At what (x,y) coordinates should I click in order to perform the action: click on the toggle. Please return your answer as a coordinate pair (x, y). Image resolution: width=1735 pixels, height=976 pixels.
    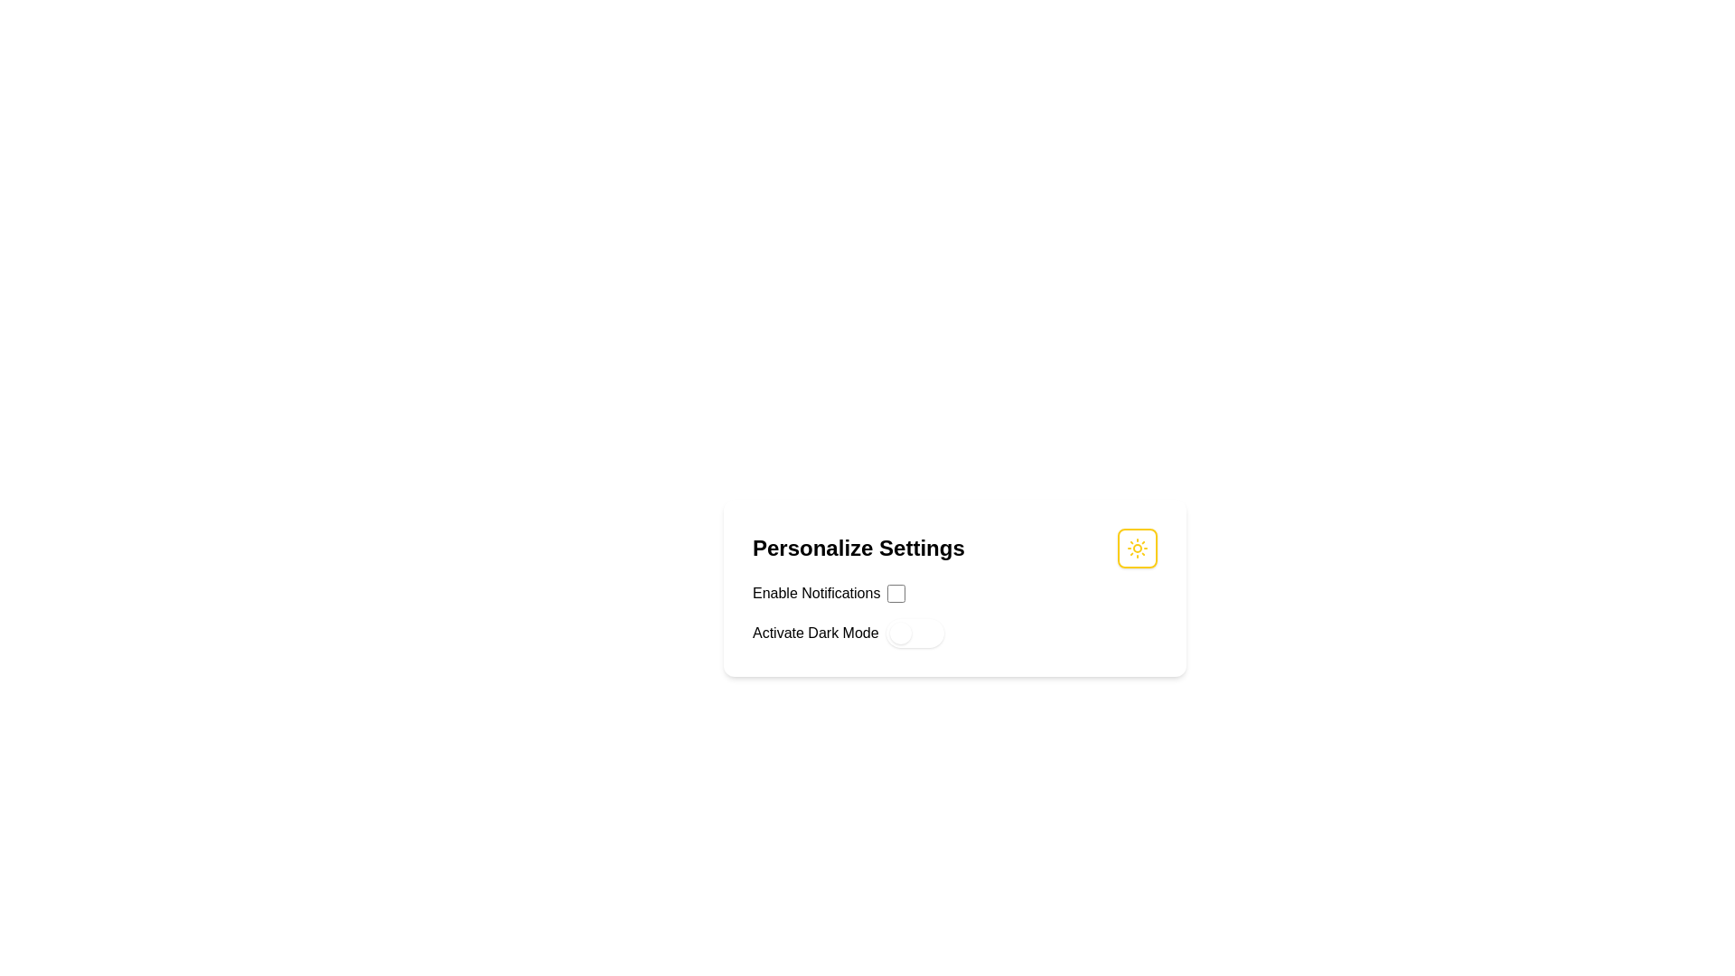
    Looking at the image, I should click on (940, 633).